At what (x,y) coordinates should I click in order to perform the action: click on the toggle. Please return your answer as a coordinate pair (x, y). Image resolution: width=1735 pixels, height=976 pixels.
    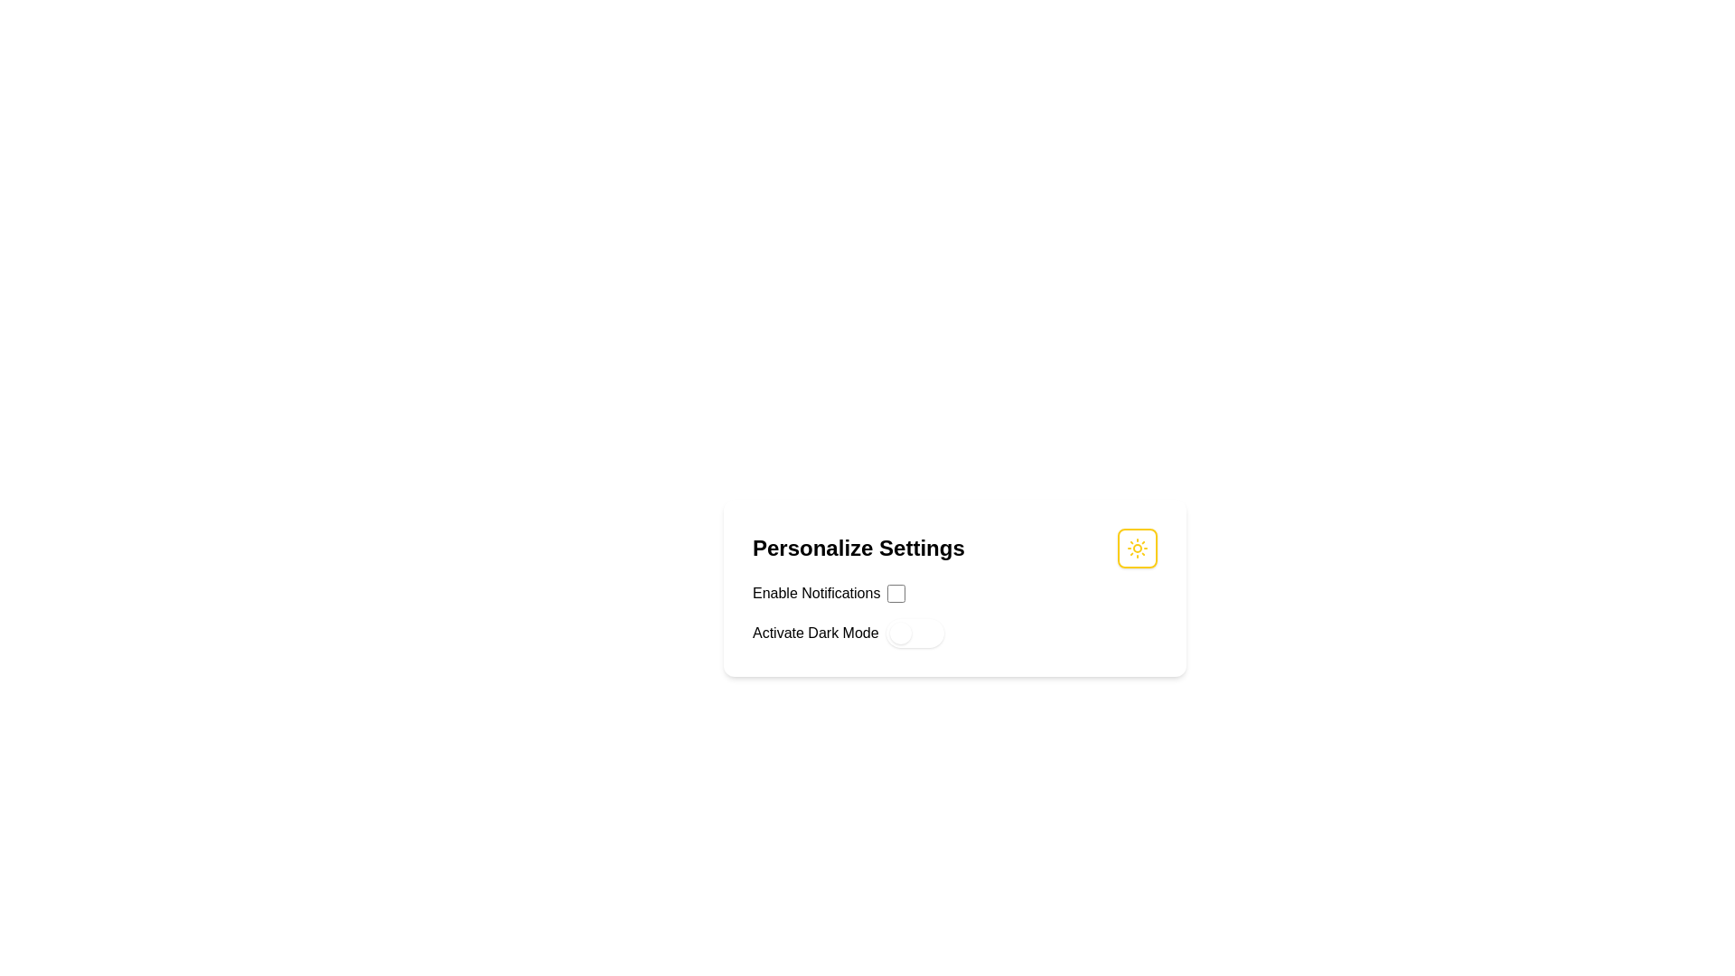
    Looking at the image, I should click on (940, 633).